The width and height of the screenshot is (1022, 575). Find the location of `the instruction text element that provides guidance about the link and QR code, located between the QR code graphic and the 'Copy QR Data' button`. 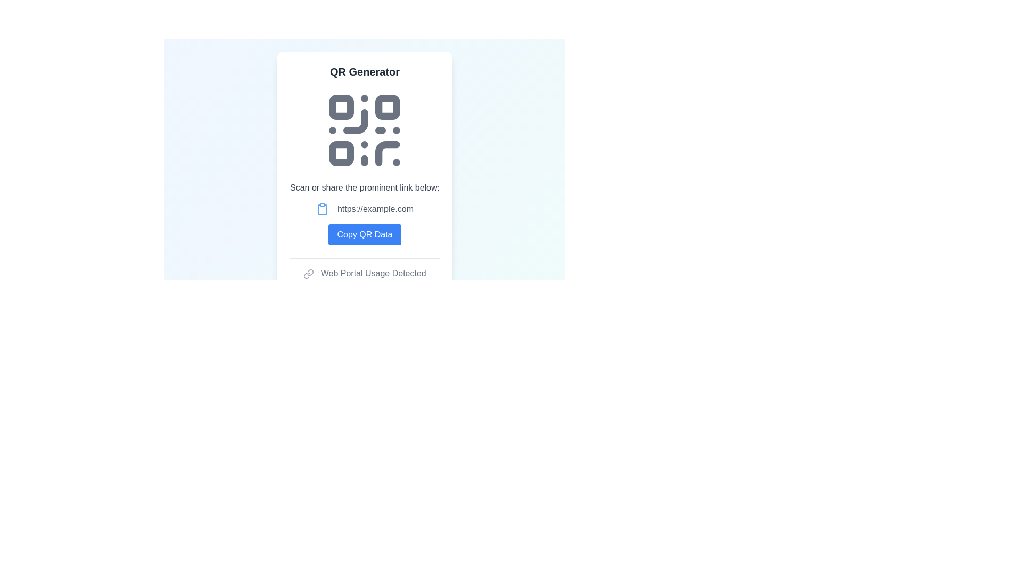

the instruction text element that provides guidance about the link and QR code, located between the QR code graphic and the 'Copy QR Data' button is located at coordinates (365, 187).